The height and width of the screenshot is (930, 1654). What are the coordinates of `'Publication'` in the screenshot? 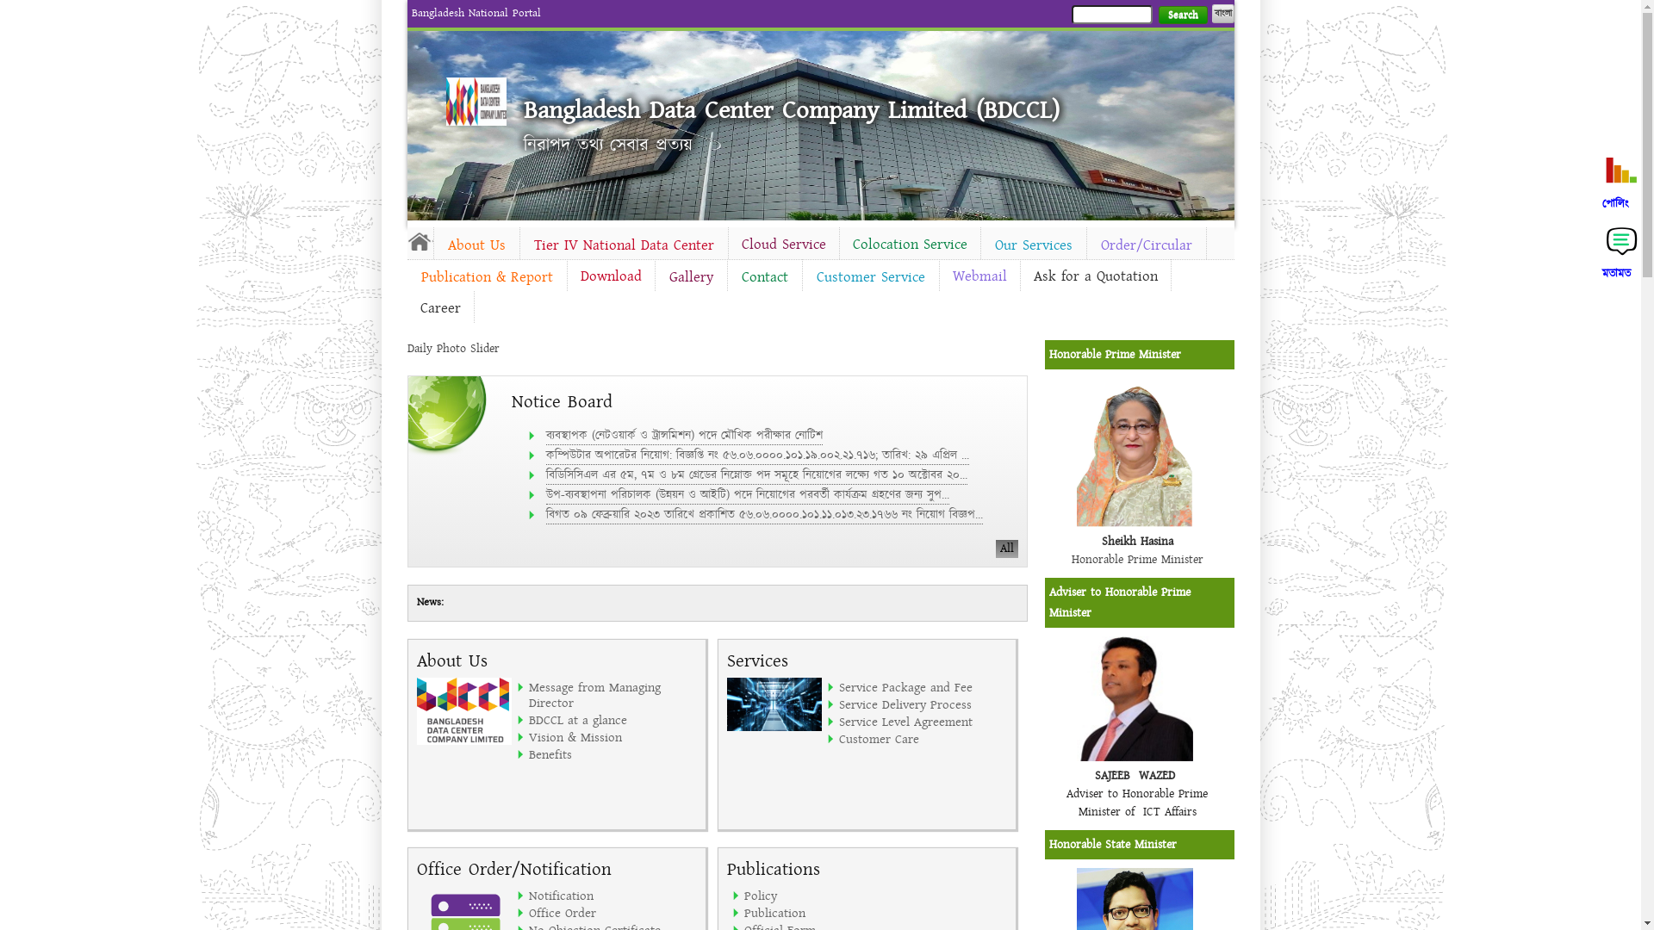 It's located at (828, 912).